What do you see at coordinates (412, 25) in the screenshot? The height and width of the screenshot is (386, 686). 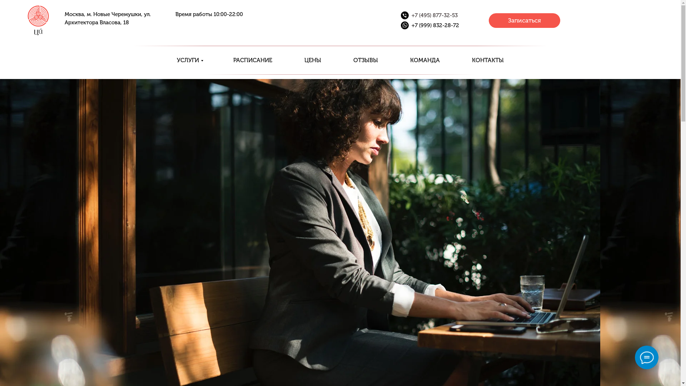 I see `'+7 (999) 832-28-72'` at bounding box center [412, 25].